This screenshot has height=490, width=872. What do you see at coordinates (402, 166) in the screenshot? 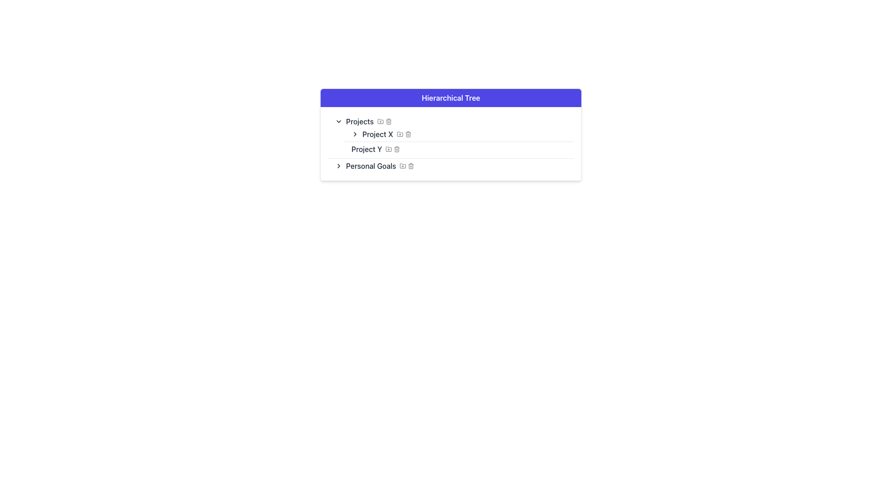
I see `the icon representing the addition of a new folder under 'Personal Goals', which is located to the right of the 'Personal Goals' label` at bounding box center [402, 166].